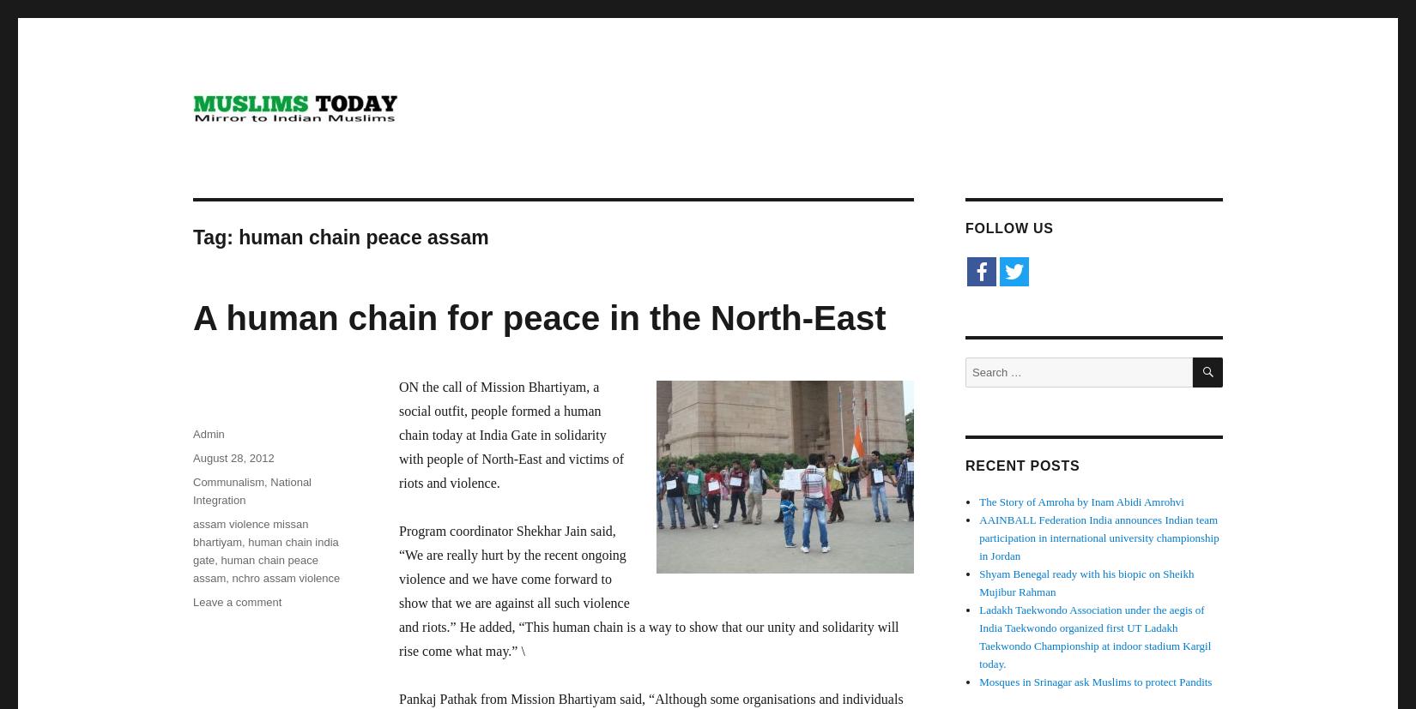 This screenshot has width=1416, height=709. Describe the element at coordinates (1008, 228) in the screenshot. I see `'Follow Us'` at that location.